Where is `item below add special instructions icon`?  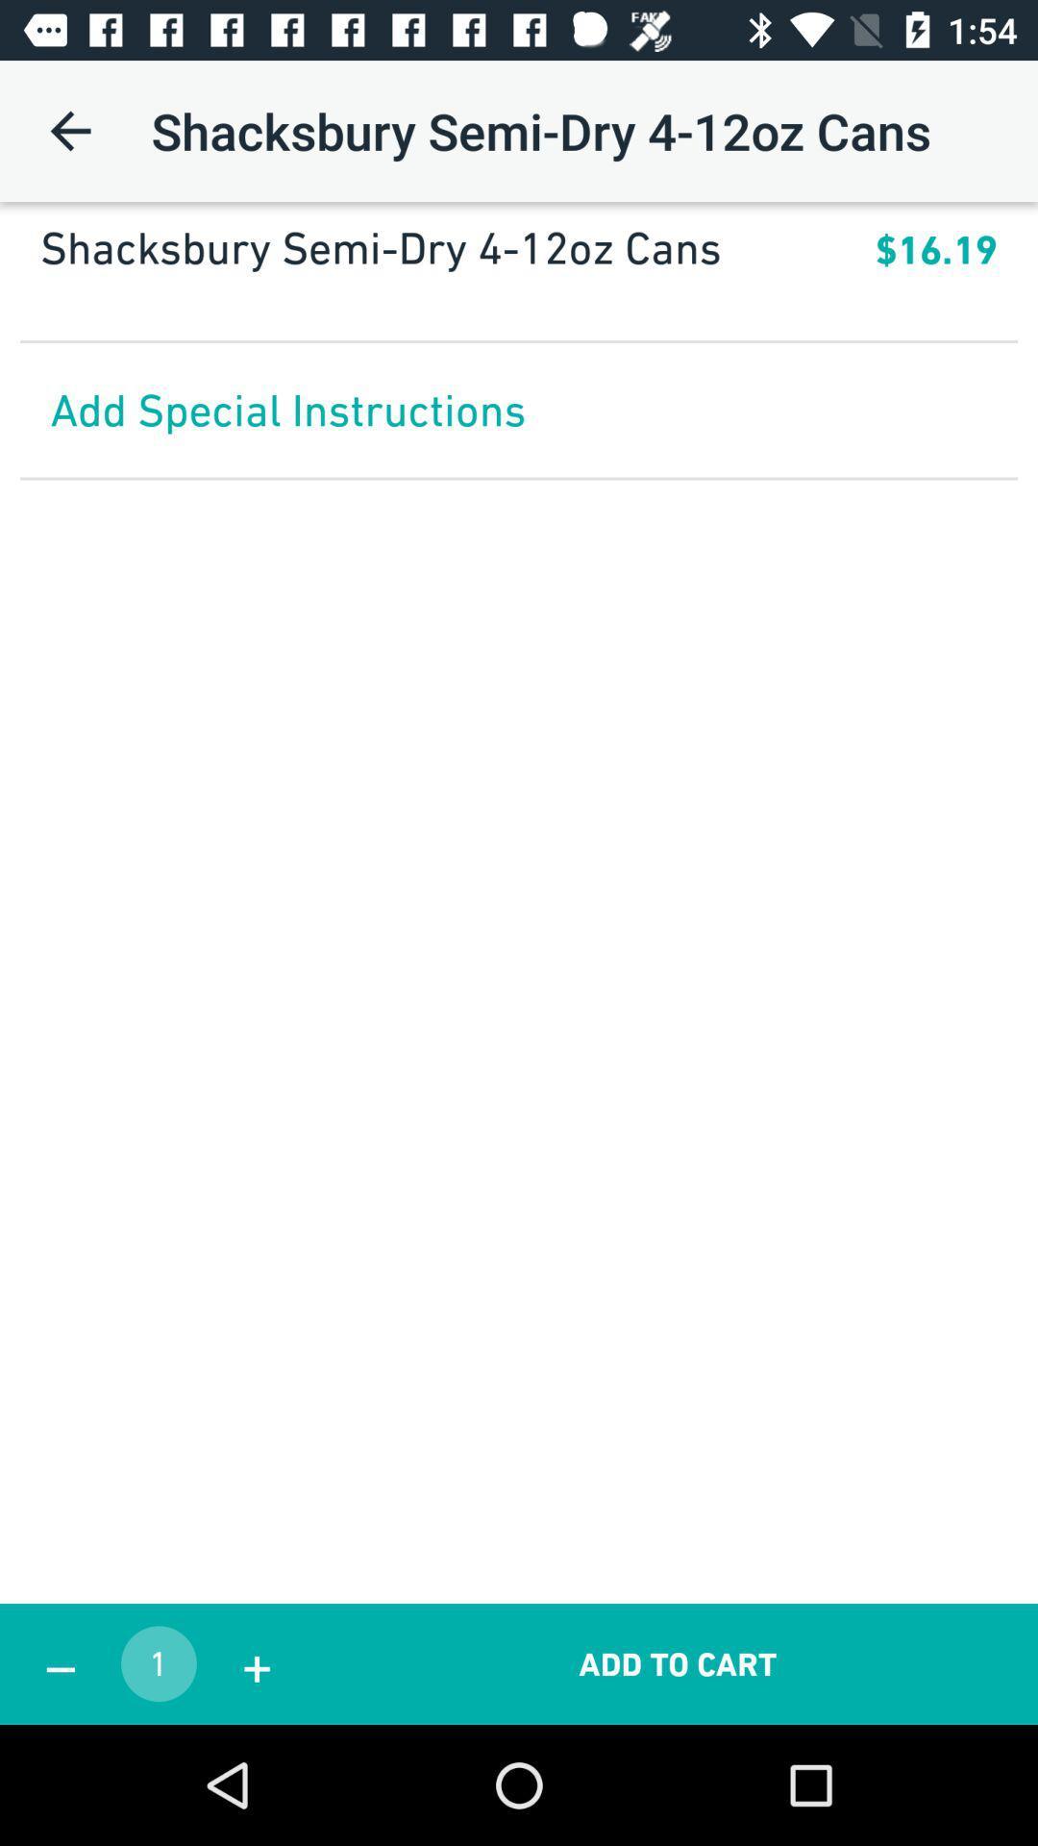
item below add special instructions icon is located at coordinates (59, 1663).